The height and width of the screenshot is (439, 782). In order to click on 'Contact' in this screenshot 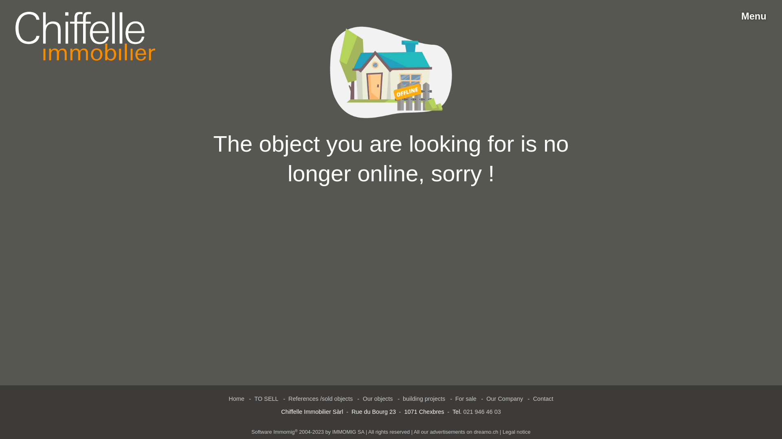, I will do `click(543, 398)`.